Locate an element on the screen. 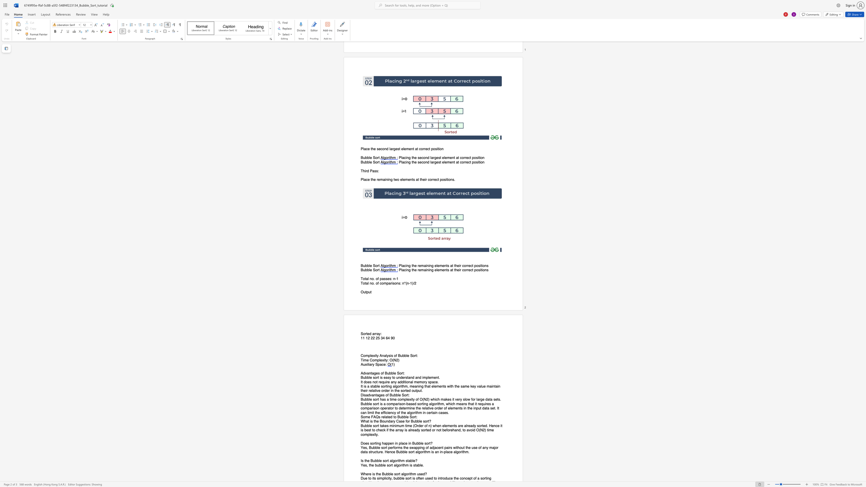 This screenshot has height=487, width=866. the 3th character "e" in the text is located at coordinates (414, 460).